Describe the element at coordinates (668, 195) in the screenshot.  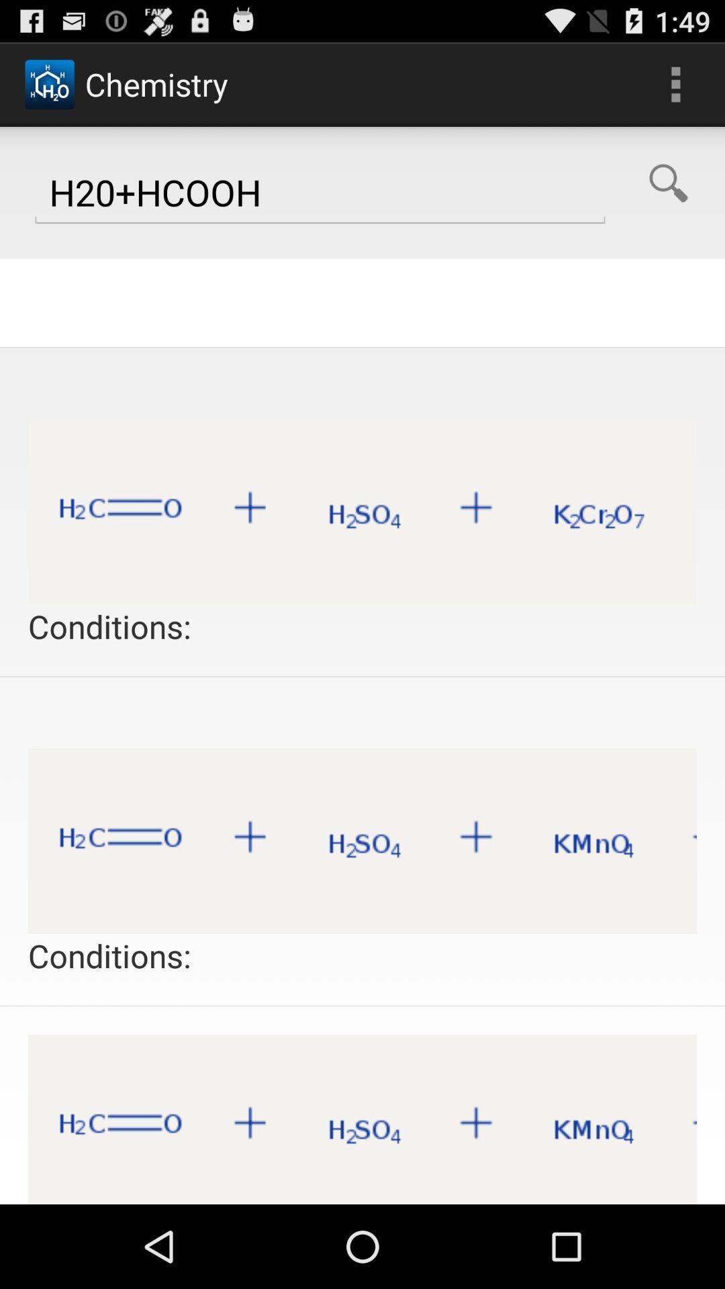
I see `the search icon` at that location.